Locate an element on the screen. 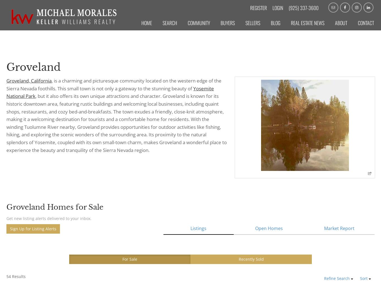 Image resolution: width=381 pixels, height=283 pixels. 'Sort' is located at coordinates (364, 278).